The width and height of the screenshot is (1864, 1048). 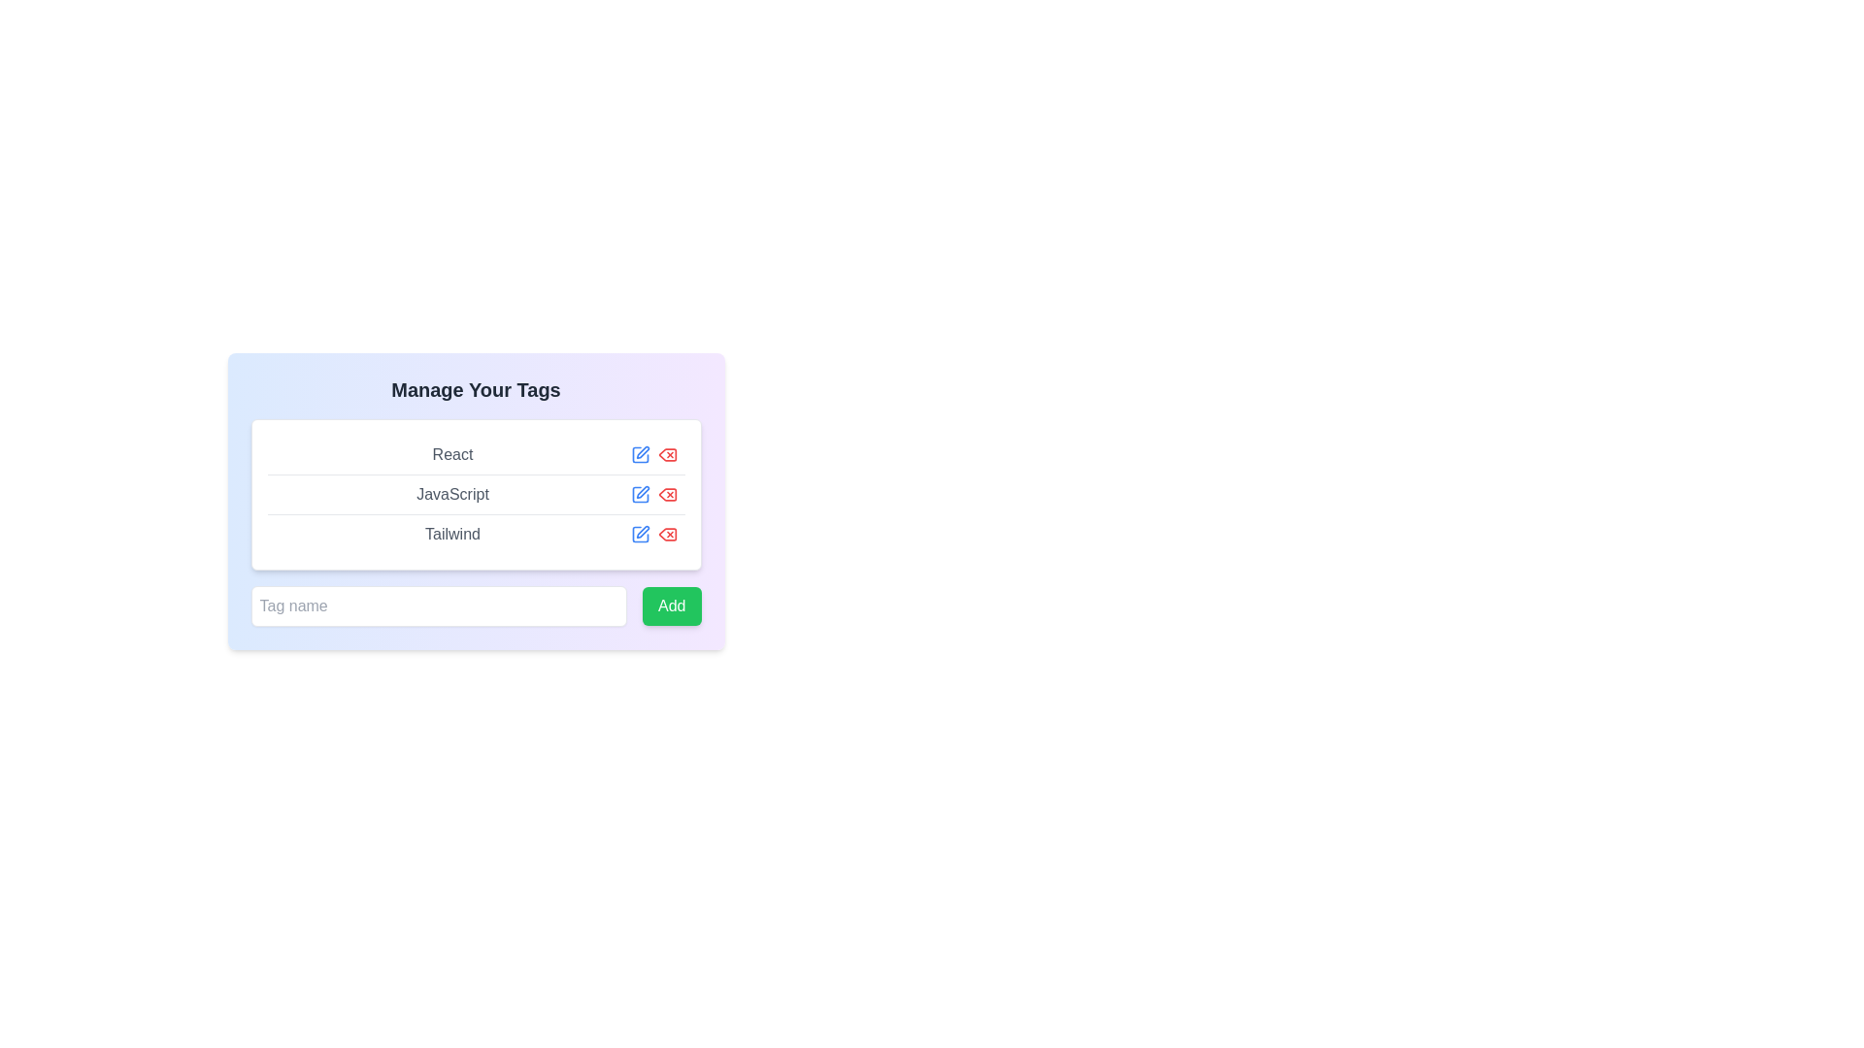 I want to click on the small blue pencil icon located adjacent to the 'JavaScript' label in the 'Manage Your Tags' section to initiate editing the 'JavaScript' tag, so click(x=640, y=493).